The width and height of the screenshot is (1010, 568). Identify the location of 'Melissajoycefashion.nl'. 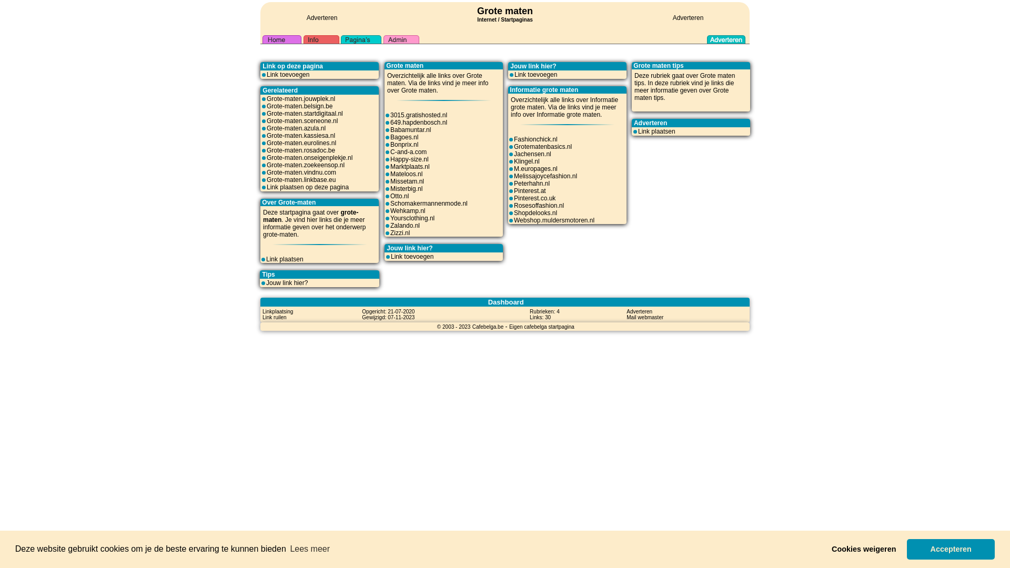
(545, 176).